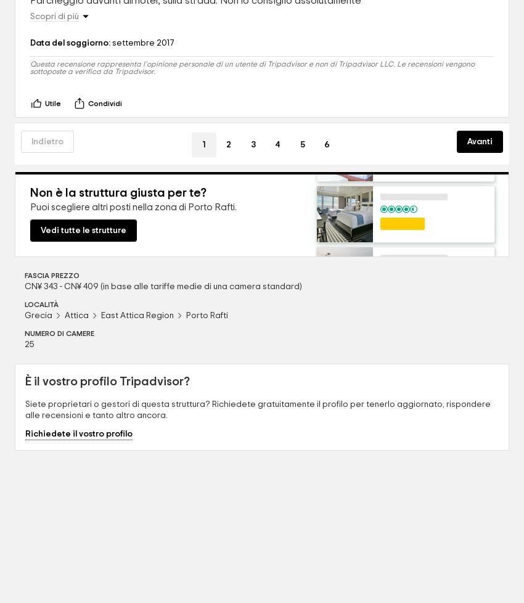  What do you see at coordinates (59, 334) in the screenshot?
I see `'NUMERO DI CAMERE'` at bounding box center [59, 334].